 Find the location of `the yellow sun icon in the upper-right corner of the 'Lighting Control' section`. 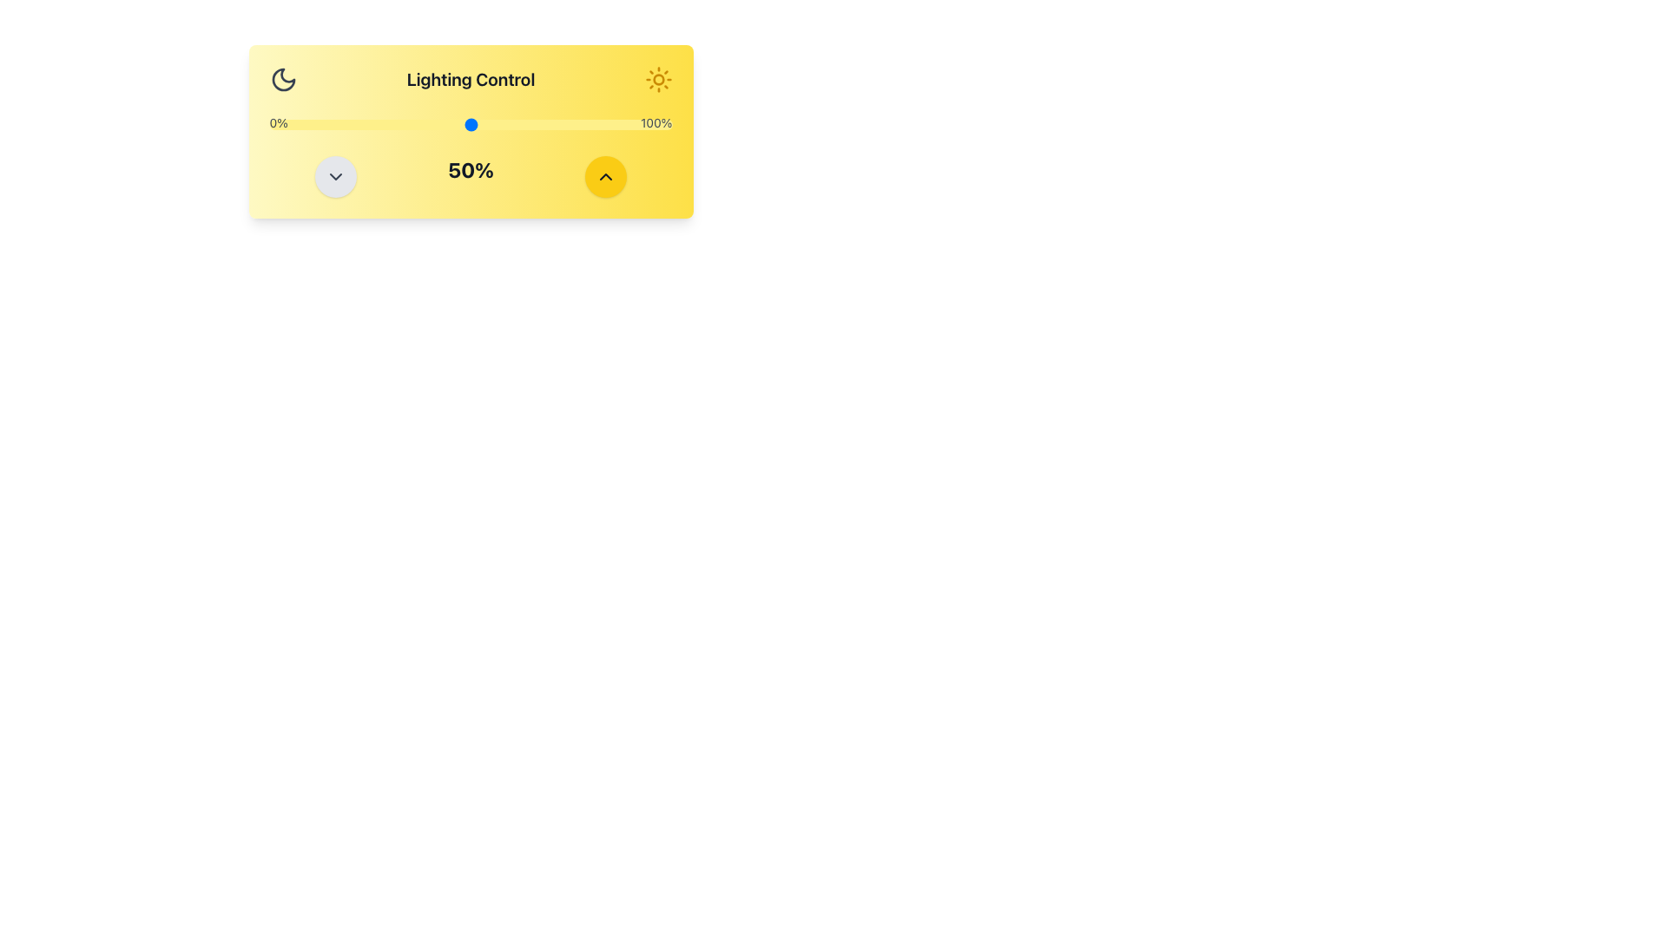

the yellow sun icon in the upper-right corner of the 'Lighting Control' section is located at coordinates (657, 80).